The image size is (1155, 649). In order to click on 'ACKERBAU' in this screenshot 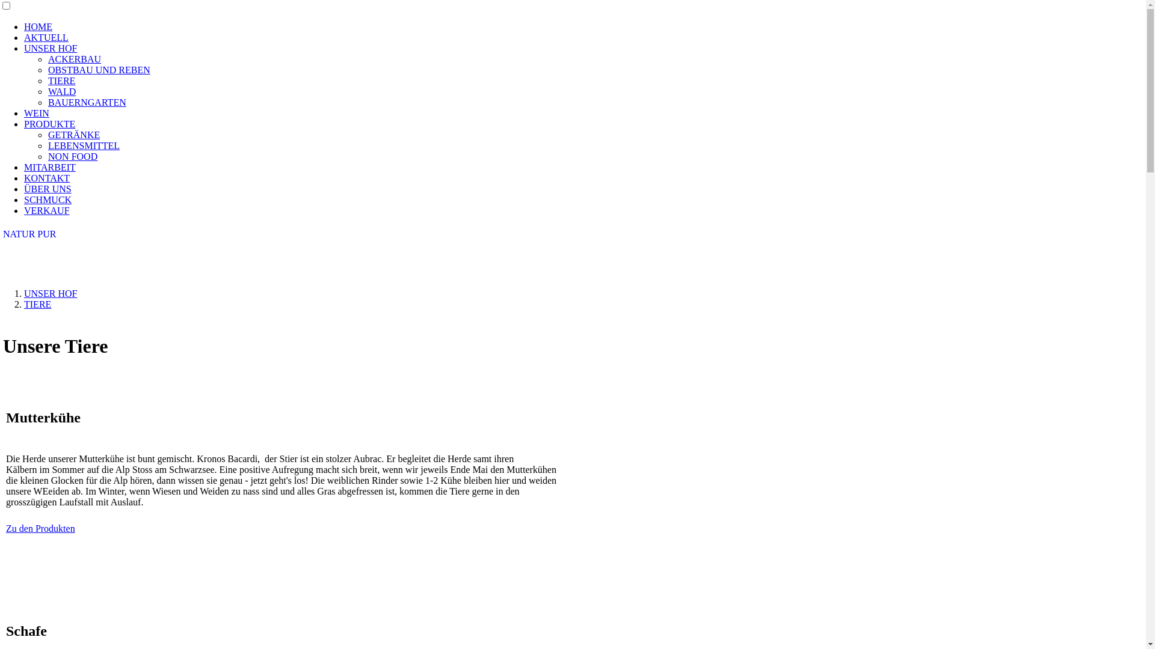, I will do `click(74, 59)`.